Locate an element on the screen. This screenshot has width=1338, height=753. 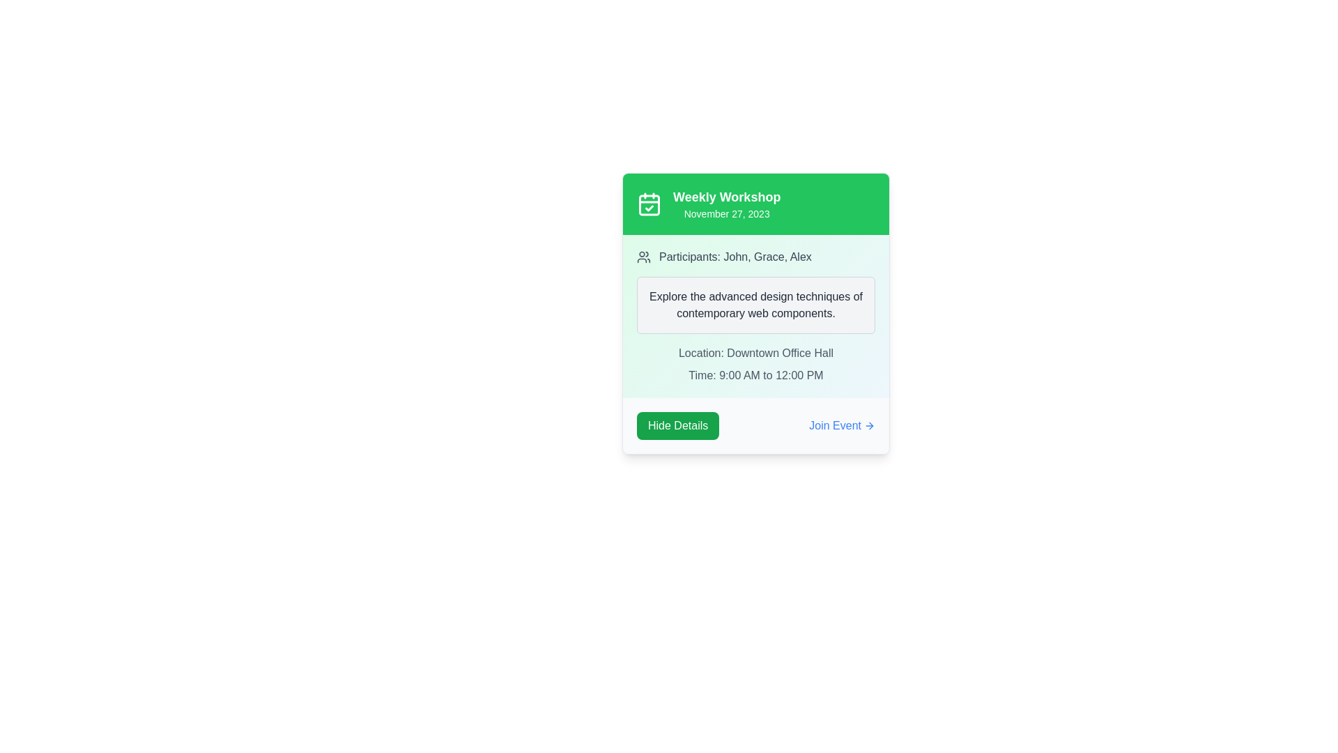
the navigational icon located to the right of the 'Join Event' text in the bottom right corner of the card is located at coordinates (869, 425).